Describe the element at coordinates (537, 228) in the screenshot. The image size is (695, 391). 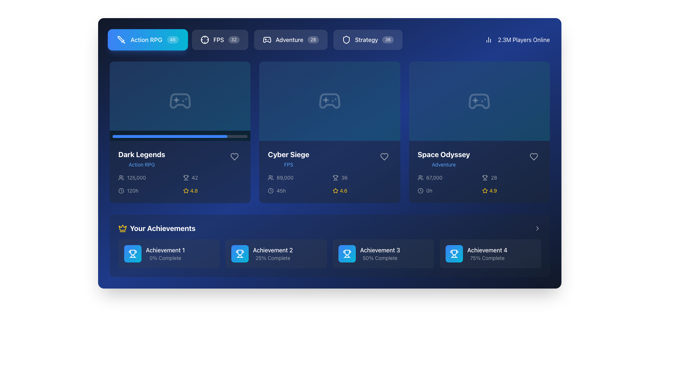
I see `the small right-pointing chevron icon located at the bottom right corner of the interface` at that location.